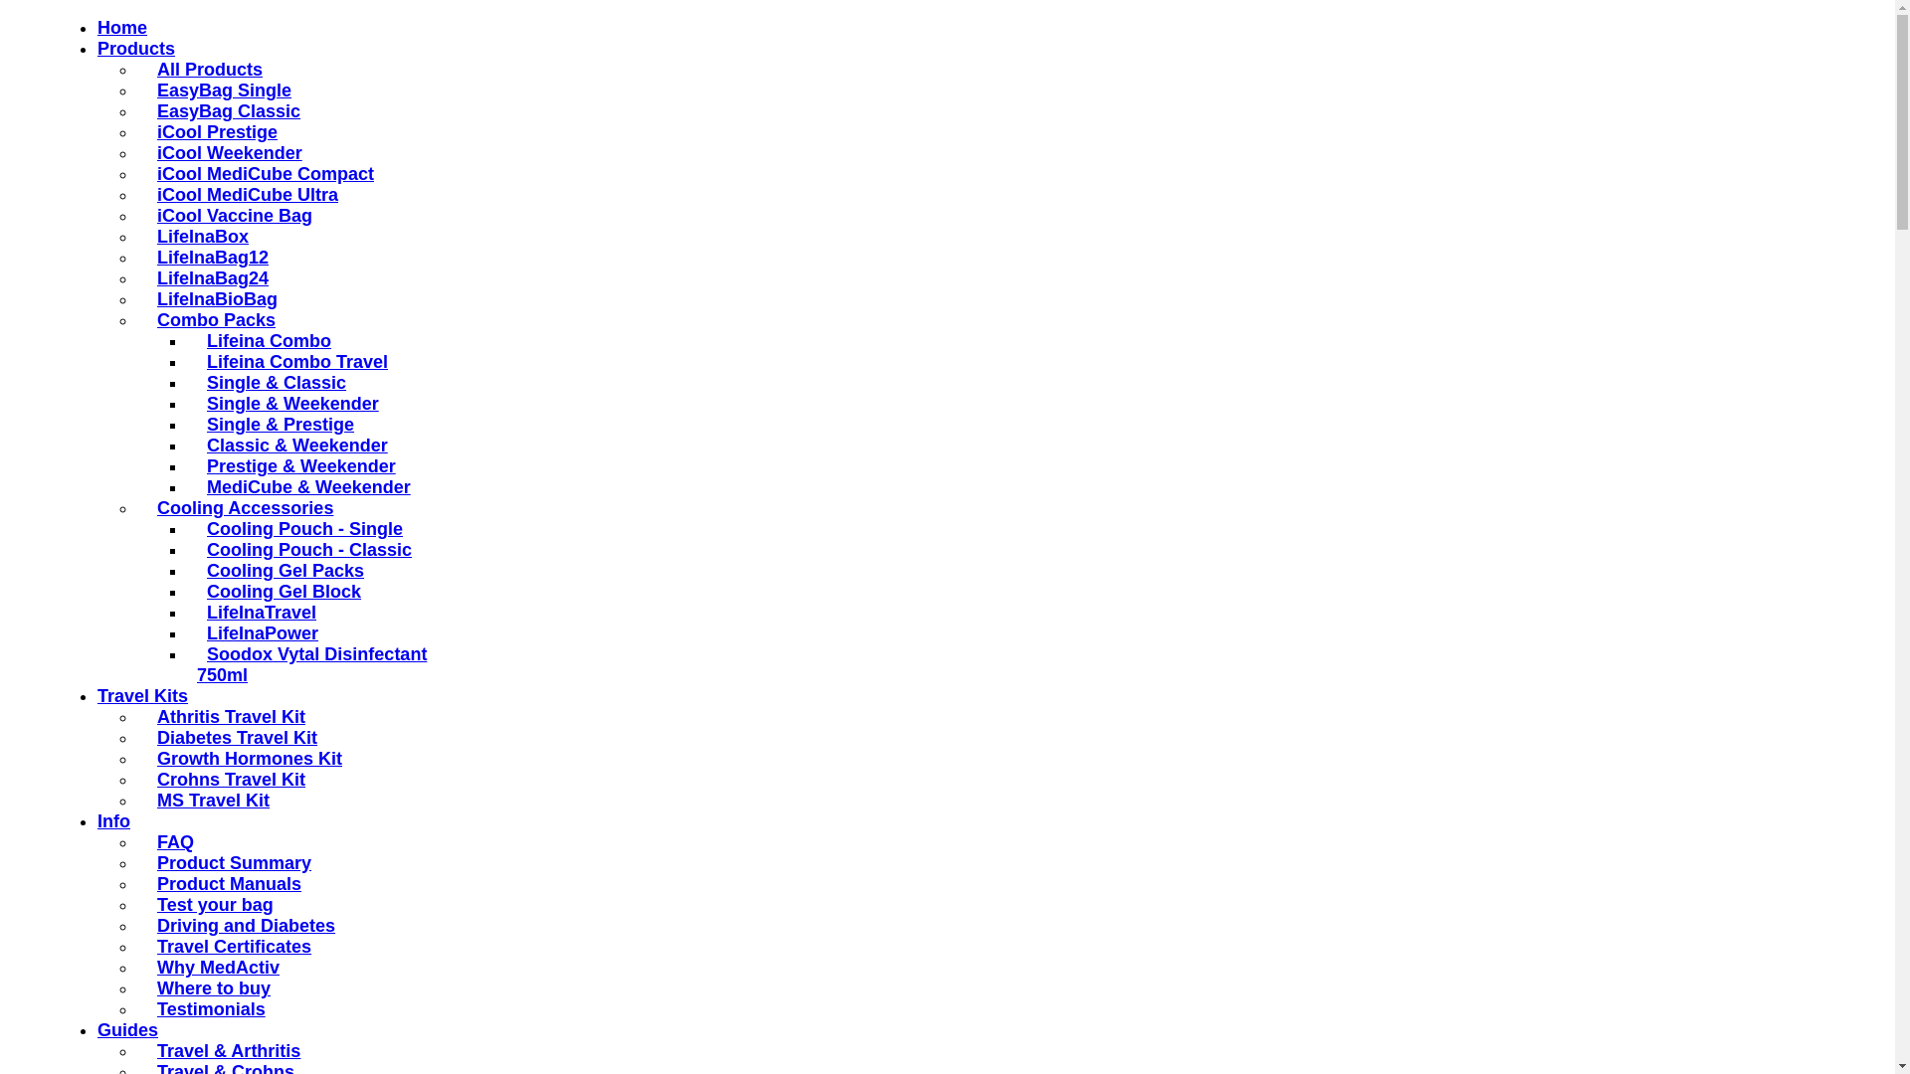 The image size is (1910, 1074). What do you see at coordinates (278, 590) in the screenshot?
I see `'Cooling Gel Block'` at bounding box center [278, 590].